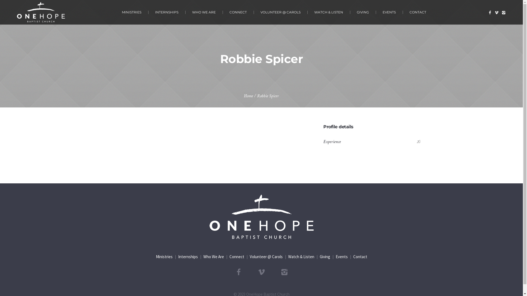 The image size is (527, 296). What do you see at coordinates (131, 12) in the screenshot?
I see `'MINISTRIES'` at bounding box center [131, 12].